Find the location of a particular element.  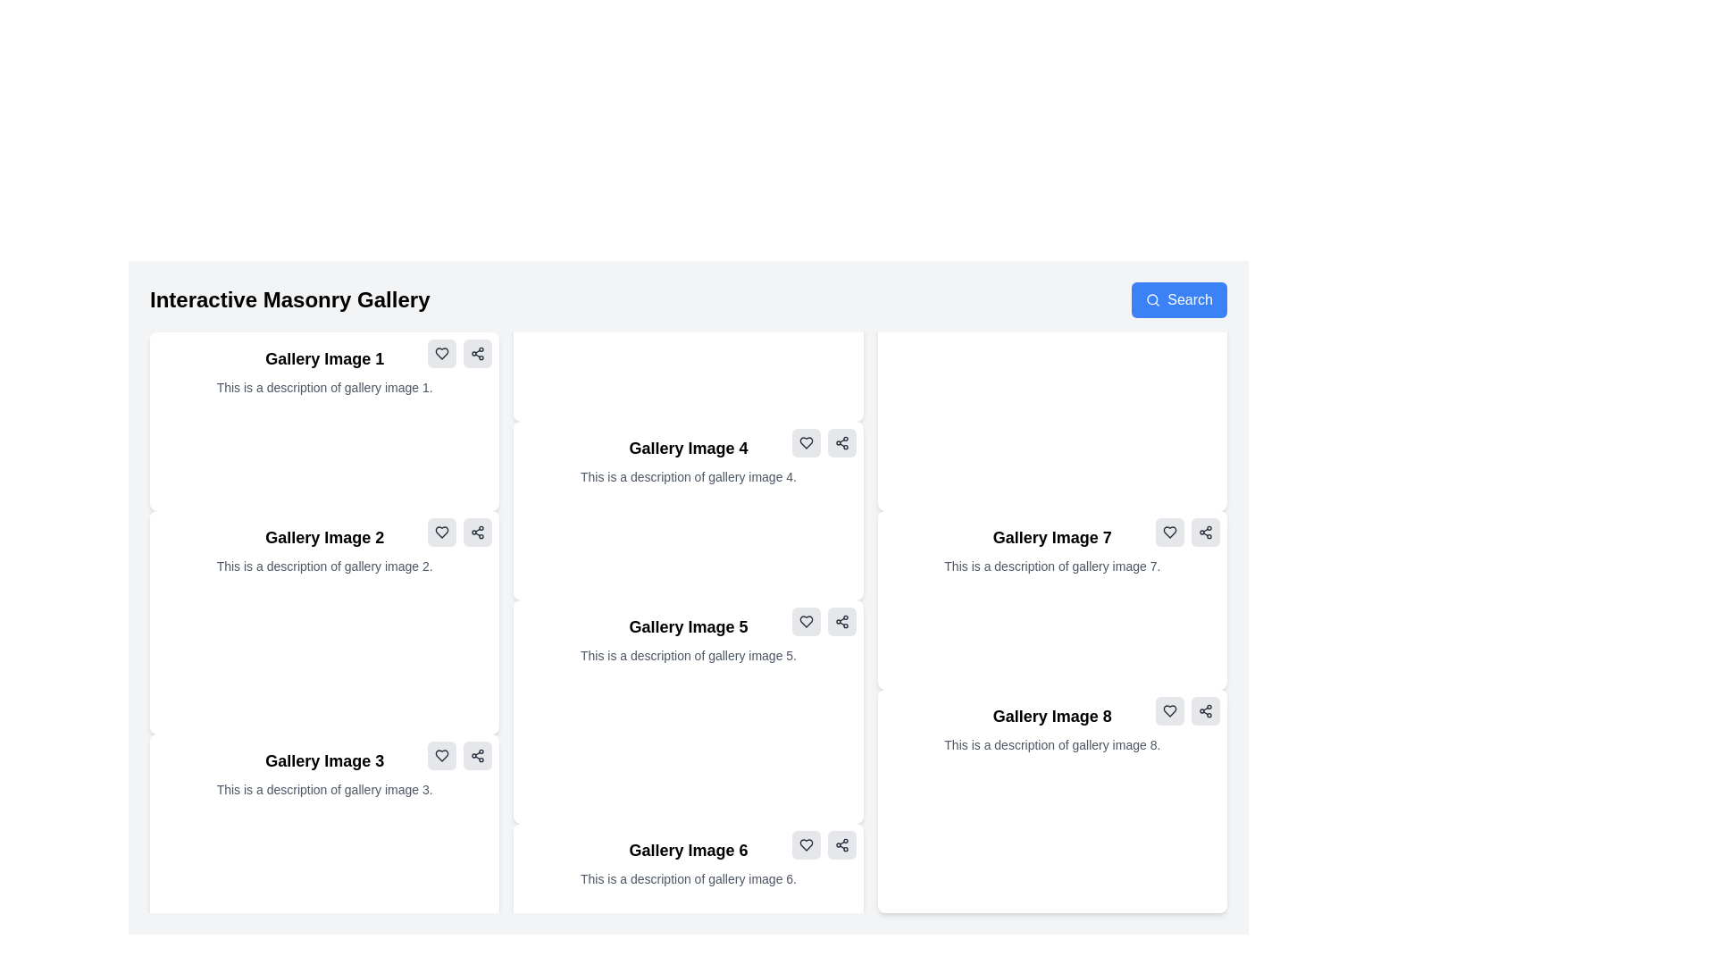

the heart icon at the top-right corner of 'Gallery Image 1' card to like the item is located at coordinates (442, 354).